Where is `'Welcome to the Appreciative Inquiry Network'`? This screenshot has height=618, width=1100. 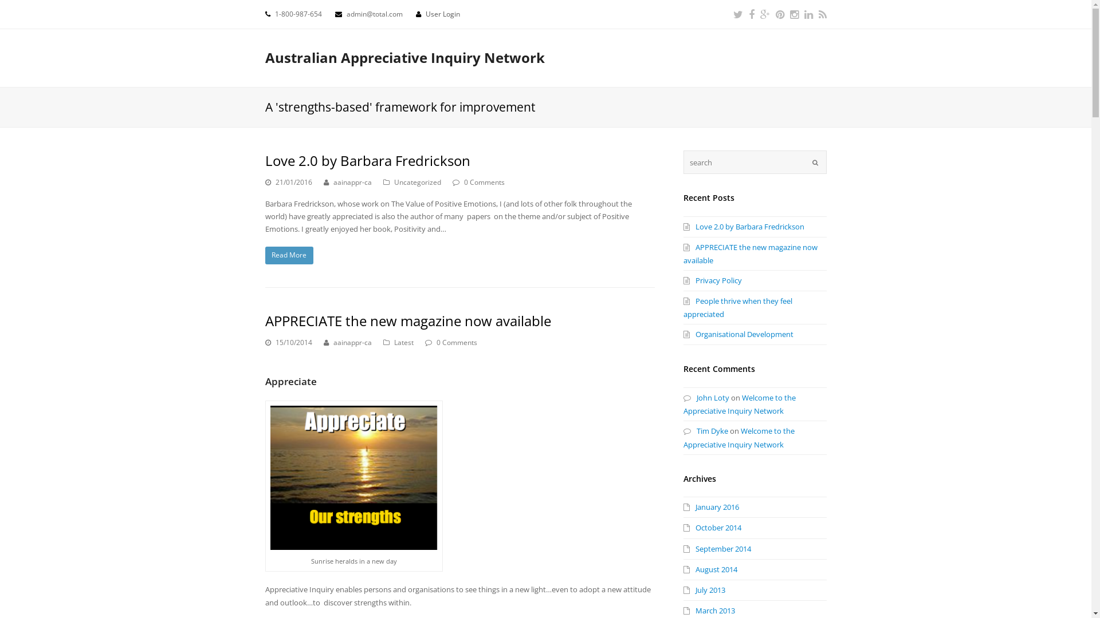 'Welcome to the Appreciative Inquiry Network' is located at coordinates (739, 403).